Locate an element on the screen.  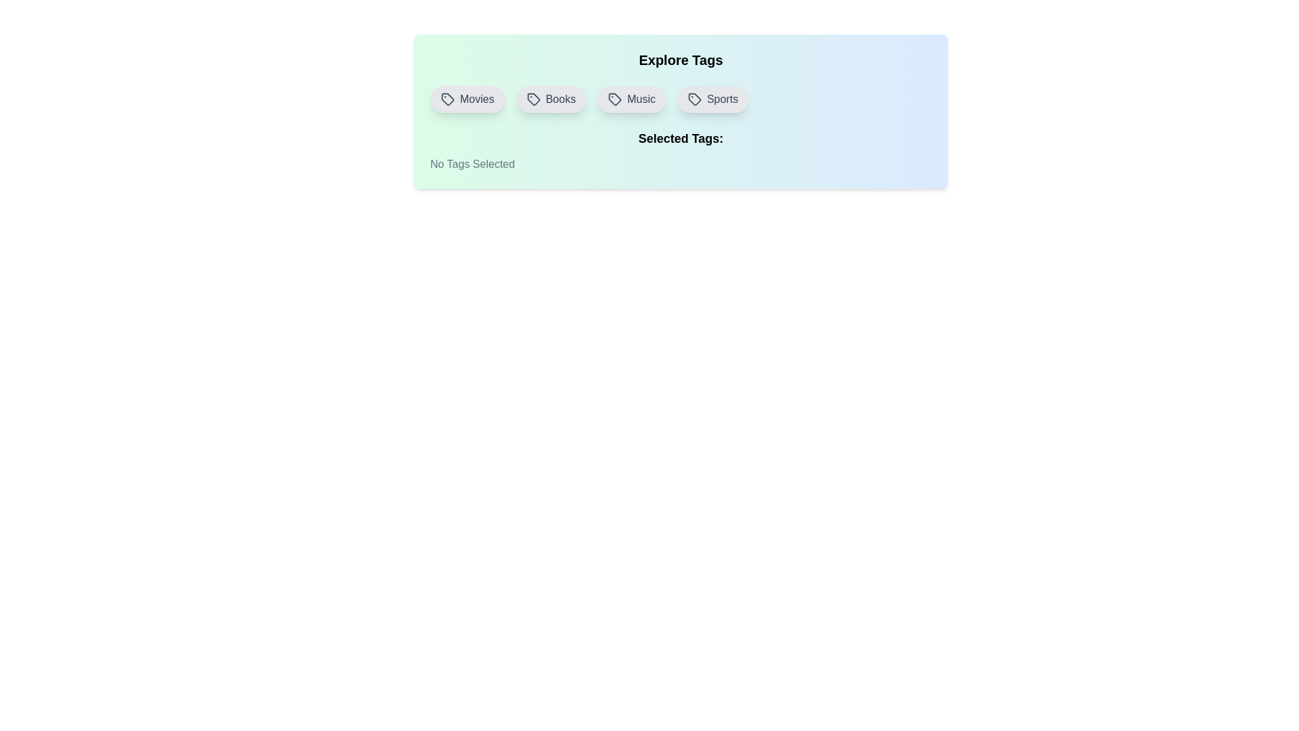
the 'Sports' button is located at coordinates (695, 98).